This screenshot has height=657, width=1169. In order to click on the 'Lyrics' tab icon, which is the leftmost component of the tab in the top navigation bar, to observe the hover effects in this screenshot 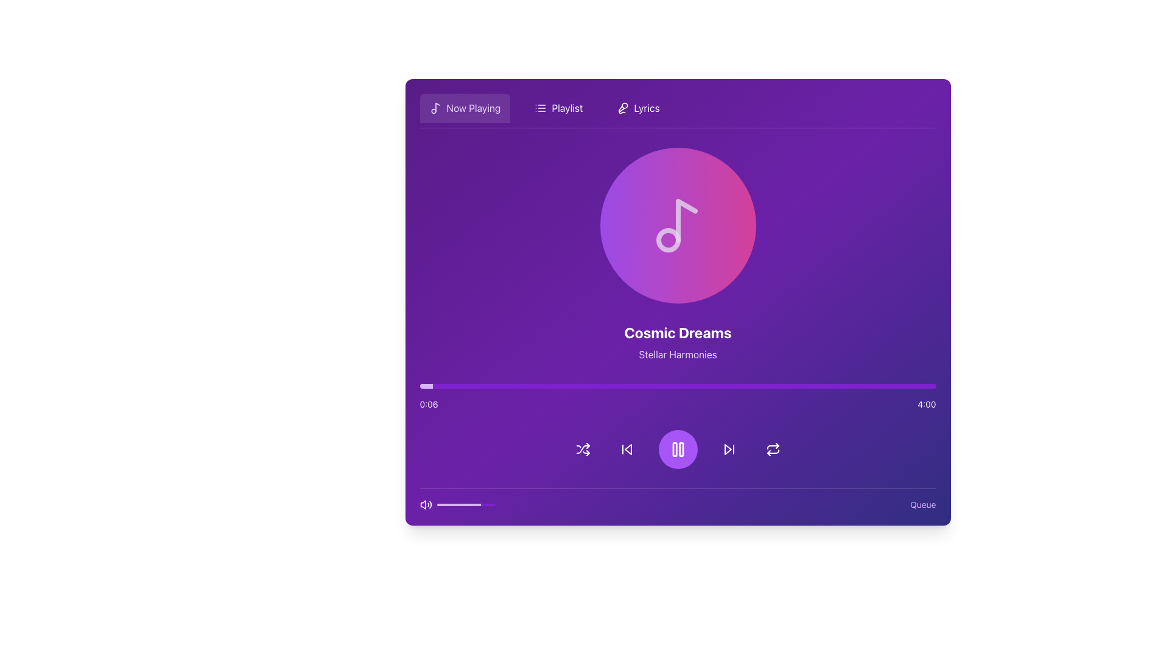, I will do `click(623, 107)`.